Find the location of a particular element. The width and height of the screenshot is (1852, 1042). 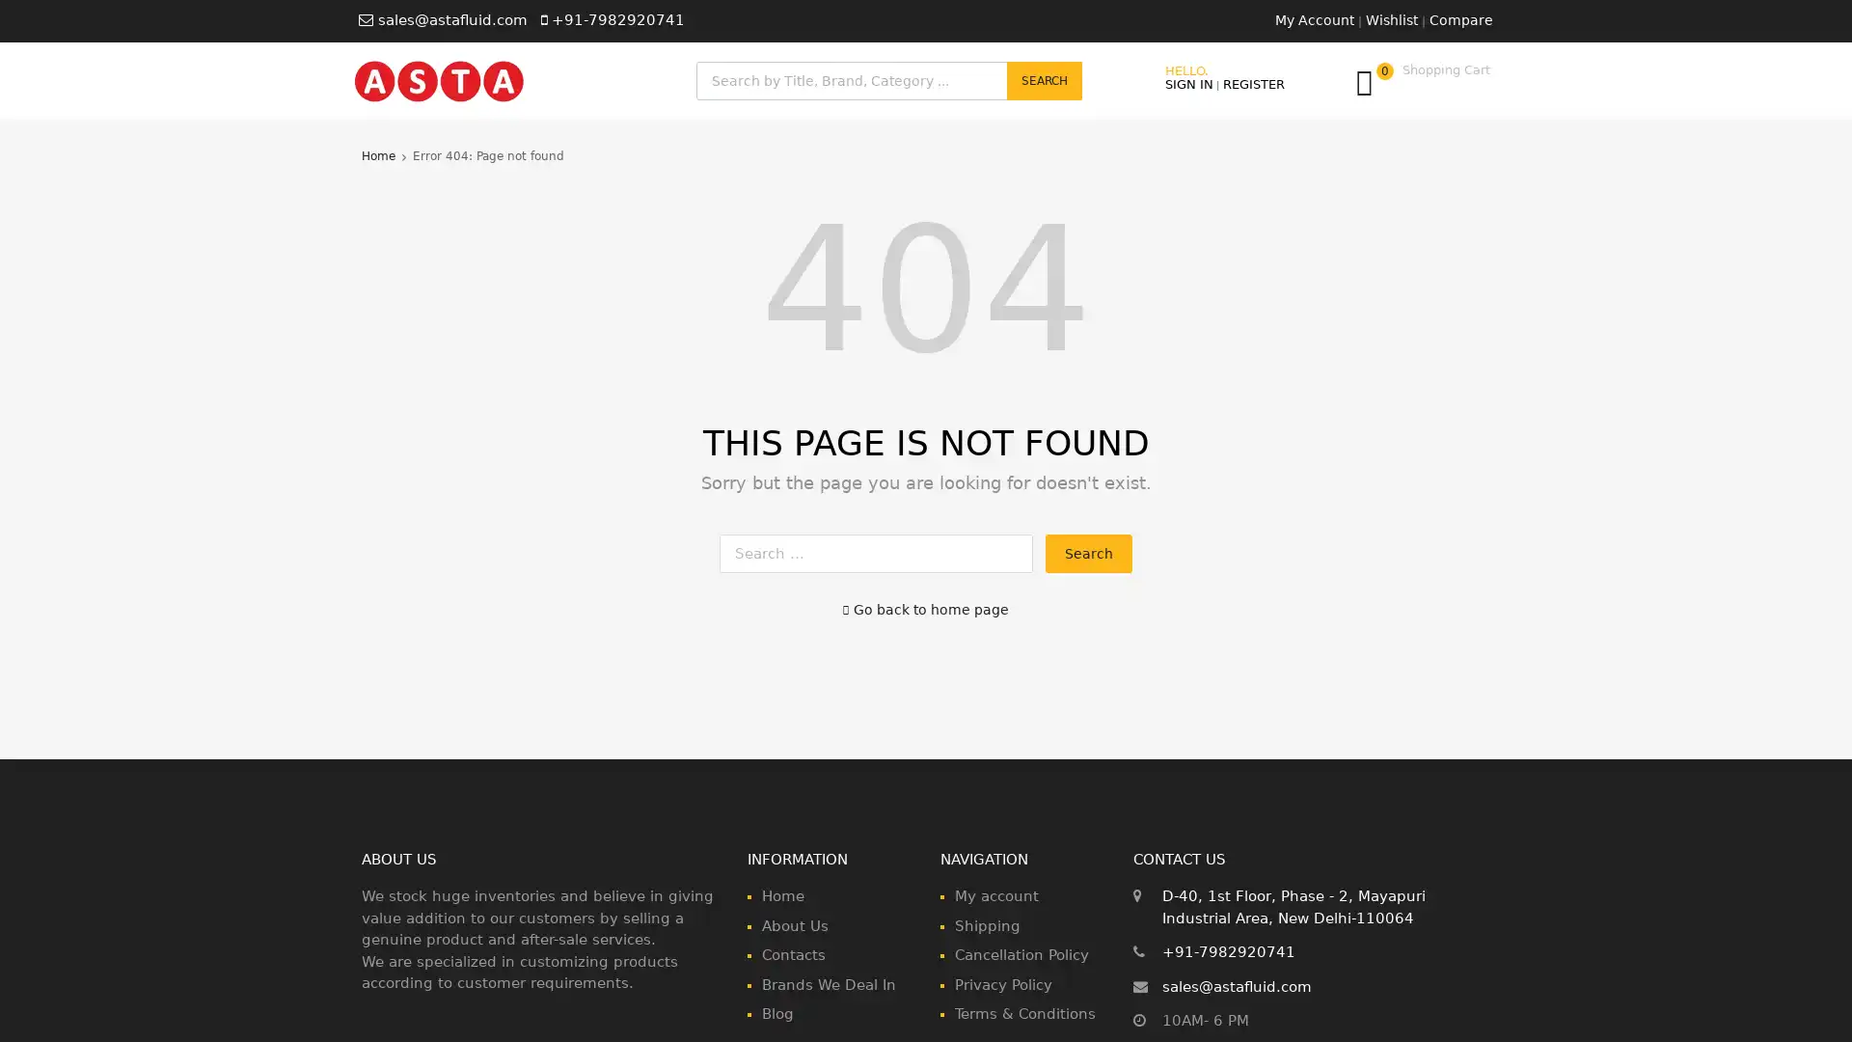

Search is located at coordinates (1088, 554).